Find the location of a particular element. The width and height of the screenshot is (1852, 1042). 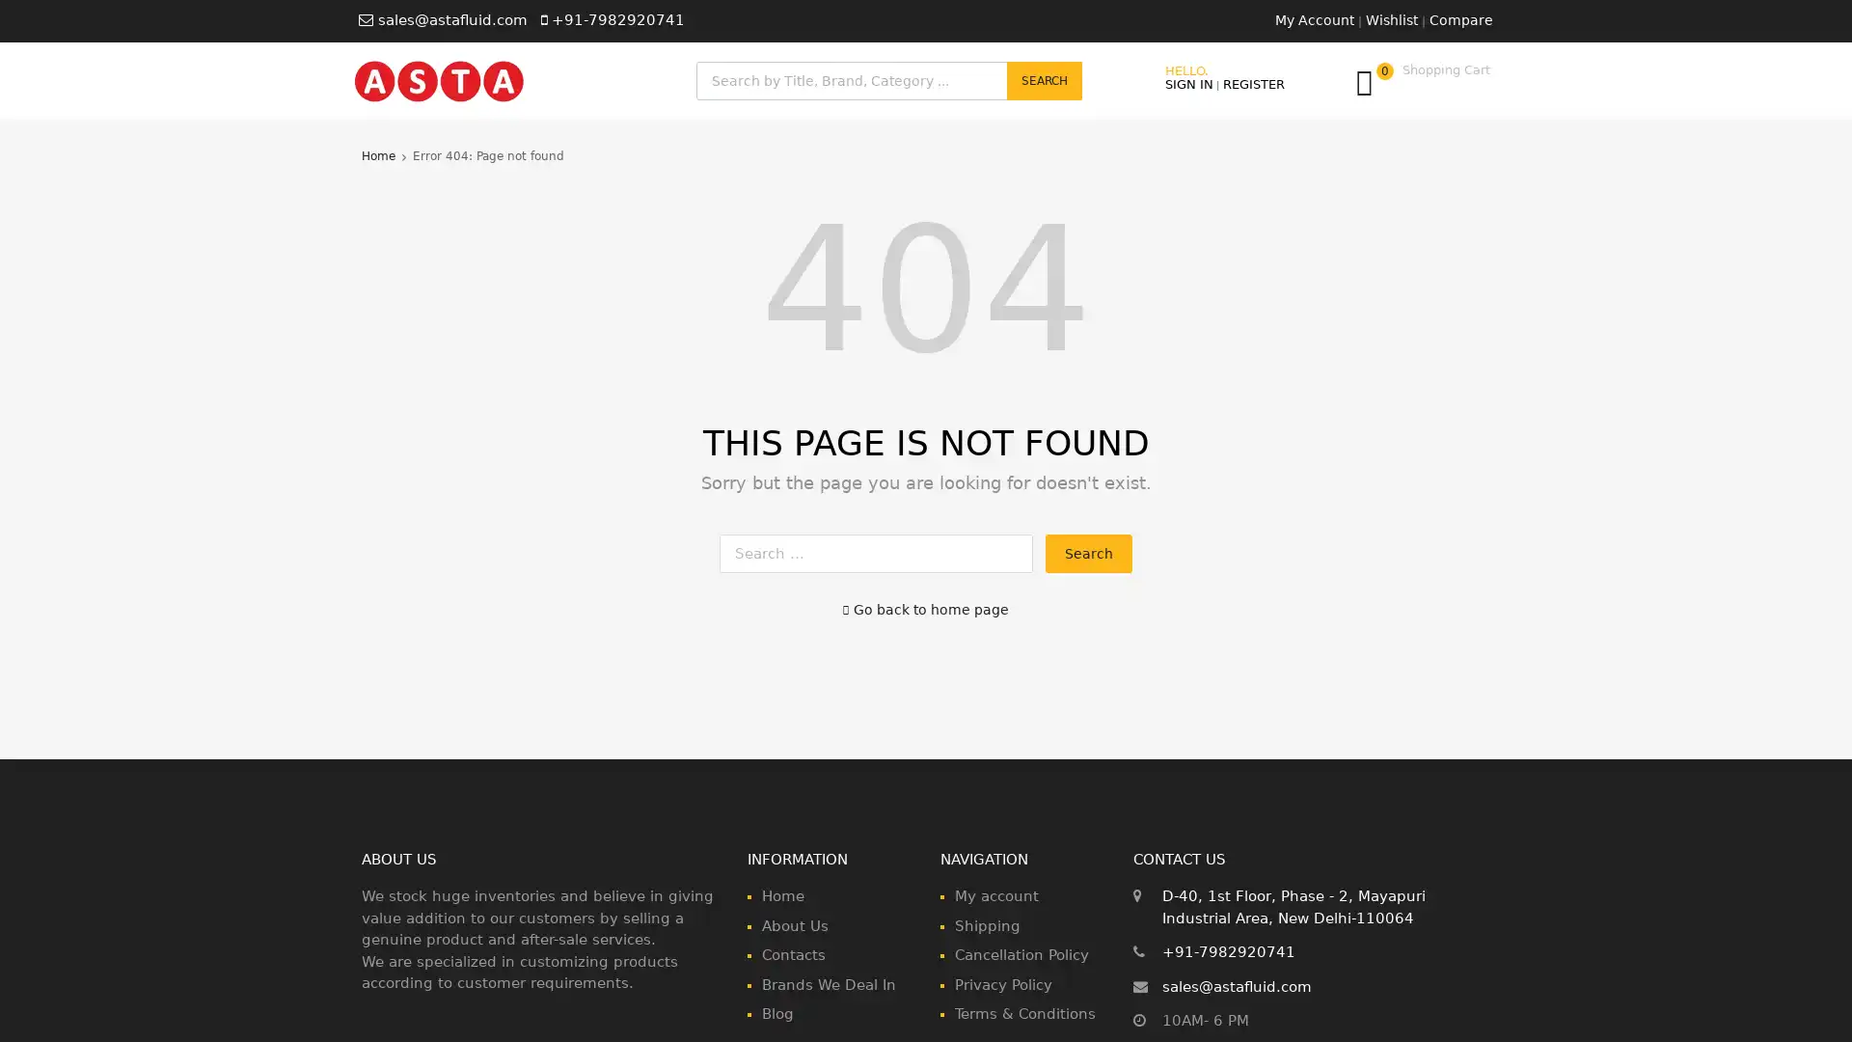

Search is located at coordinates (1088, 554).